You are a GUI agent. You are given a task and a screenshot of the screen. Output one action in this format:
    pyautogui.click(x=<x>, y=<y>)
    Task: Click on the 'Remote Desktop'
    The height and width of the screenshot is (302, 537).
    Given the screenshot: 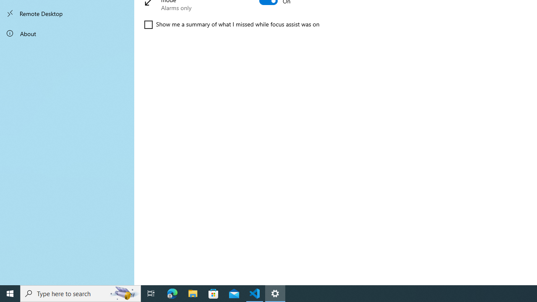 What is the action you would take?
    pyautogui.click(x=67, y=13)
    